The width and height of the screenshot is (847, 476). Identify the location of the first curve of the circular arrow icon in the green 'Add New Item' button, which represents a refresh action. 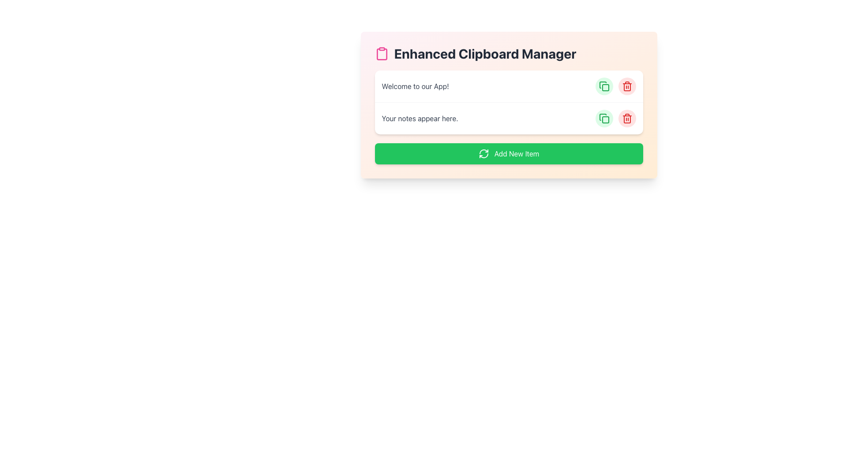
(483, 151).